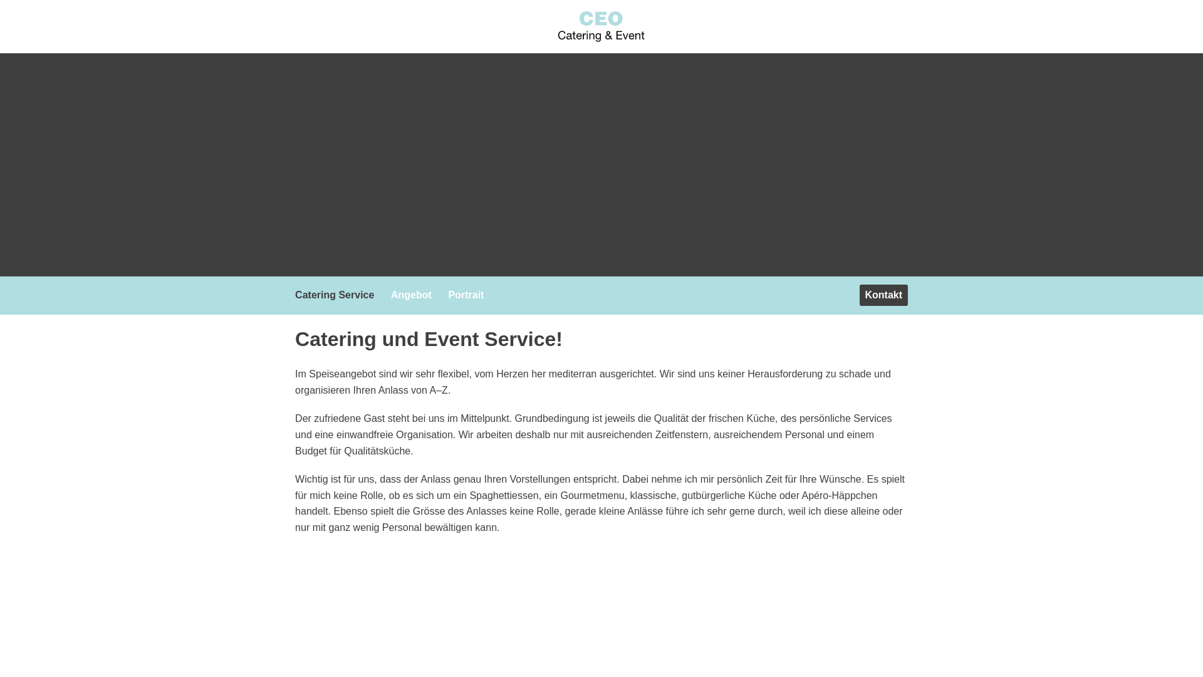  I want to click on 'Kontakt', so click(883, 295).